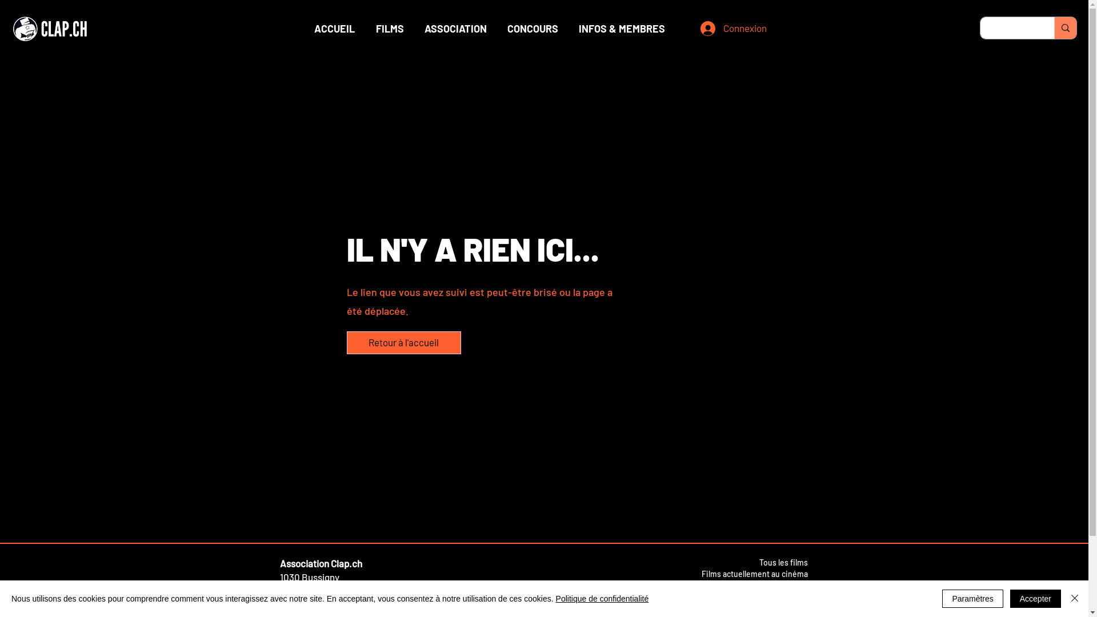 The height and width of the screenshot is (617, 1097). I want to click on 'FILMS', so click(390, 28).